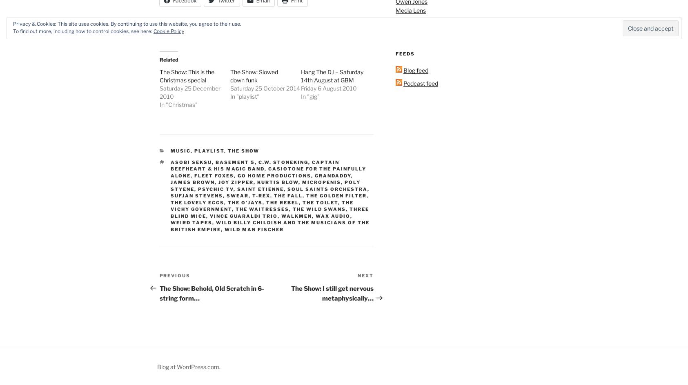 The width and height of the screenshot is (688, 385). Describe the element at coordinates (260, 188) in the screenshot. I see `'Saint Etienne'` at that location.